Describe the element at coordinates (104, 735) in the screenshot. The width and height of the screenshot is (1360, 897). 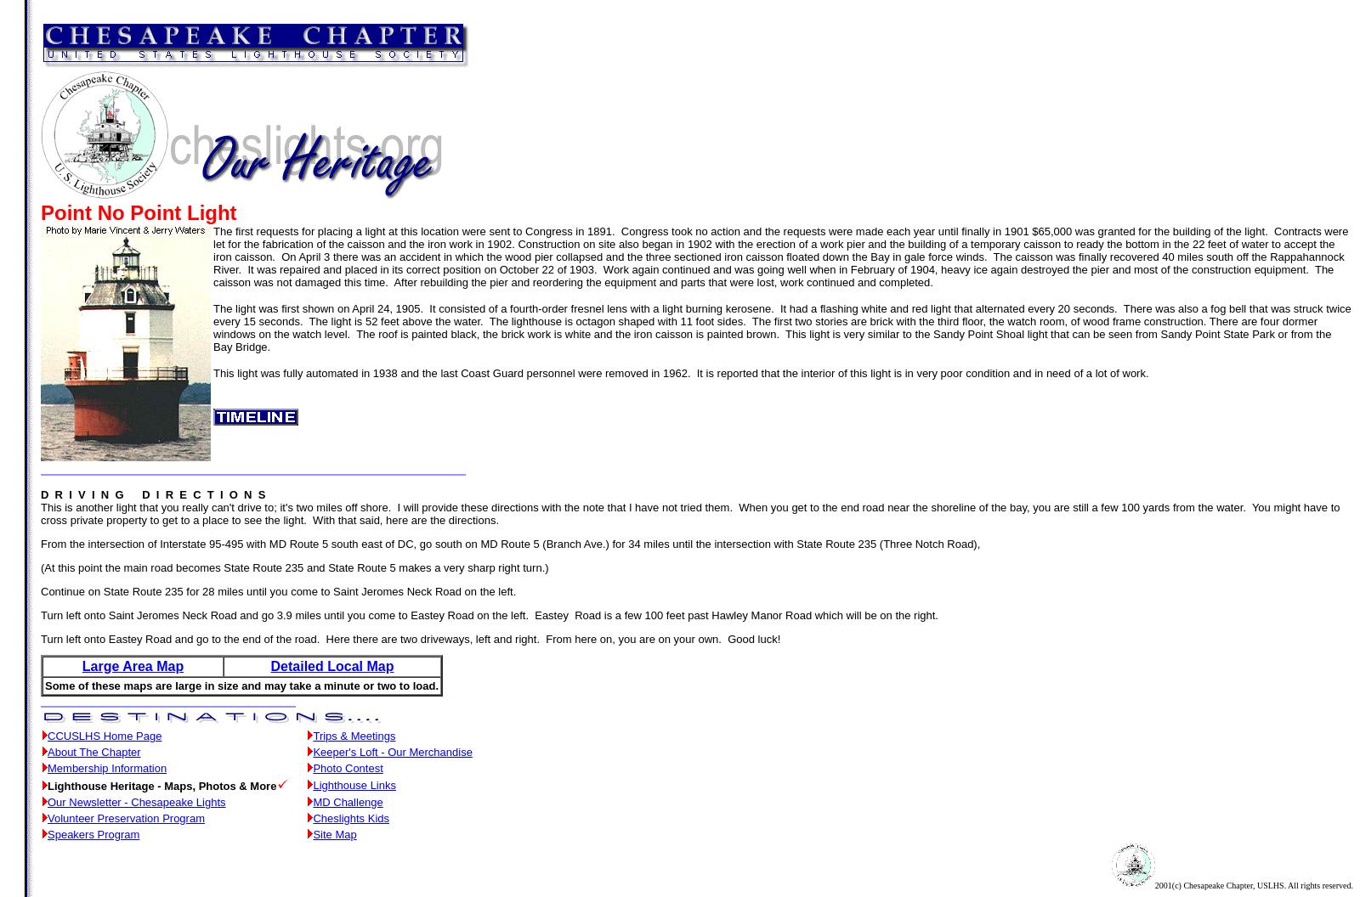
I see `'CCUSLHS 
            Home Page'` at that location.